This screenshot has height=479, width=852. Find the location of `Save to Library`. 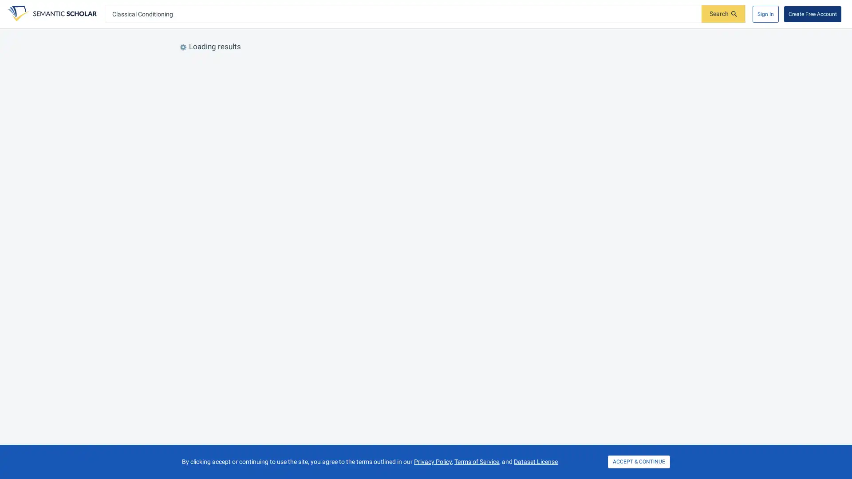

Save to Library is located at coordinates (295, 313).